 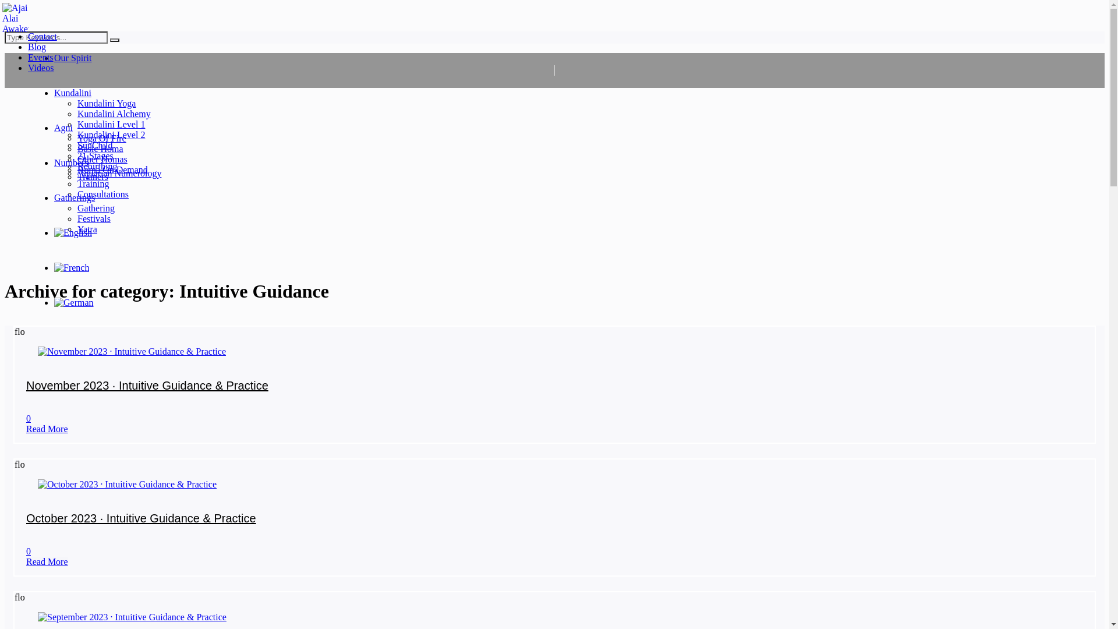 I want to click on 'Gathering', so click(x=95, y=207).